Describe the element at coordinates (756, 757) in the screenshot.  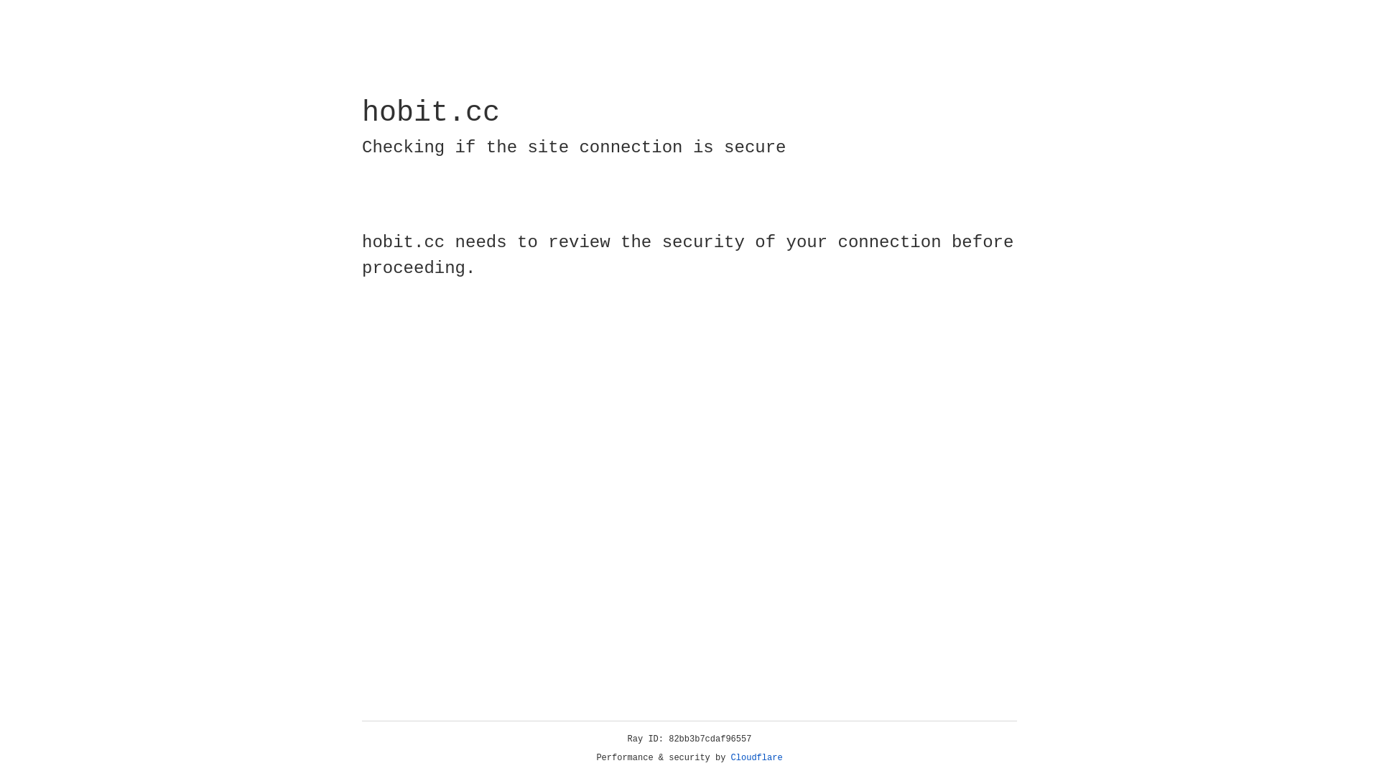
I see `'Cloudflare'` at that location.